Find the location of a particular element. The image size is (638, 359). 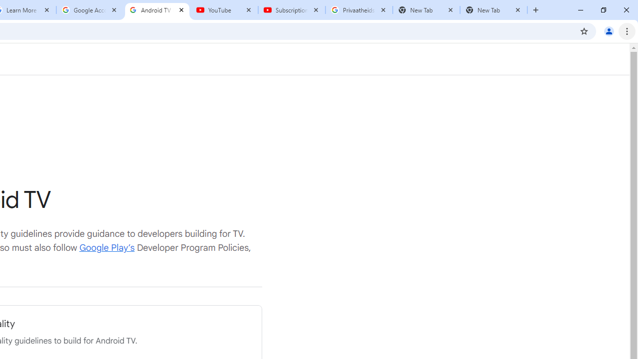

'Android TV Policies and Guidelines - Transparency Center' is located at coordinates (157, 10).